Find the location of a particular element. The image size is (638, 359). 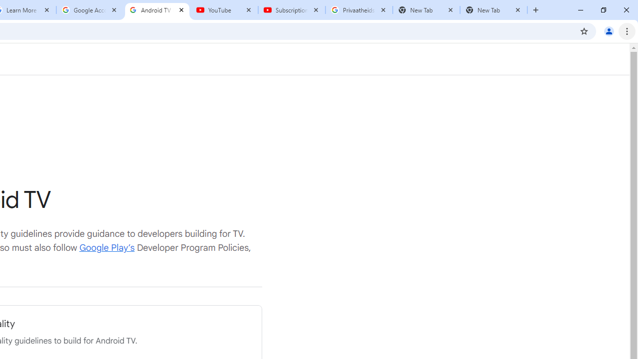

'Android TV Policies and Guidelines - Transparency Center' is located at coordinates (157, 10).